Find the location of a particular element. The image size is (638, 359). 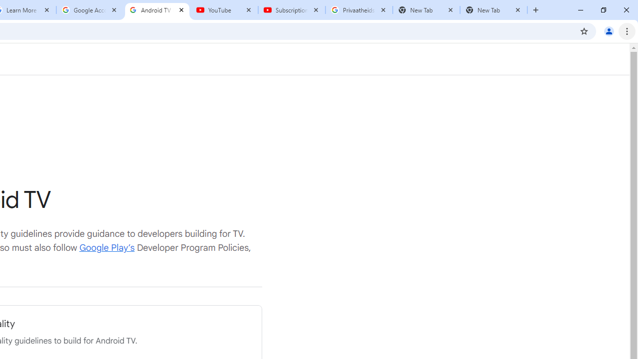

'Android TV Policies and Guidelines - Transparency Center' is located at coordinates (157, 10).